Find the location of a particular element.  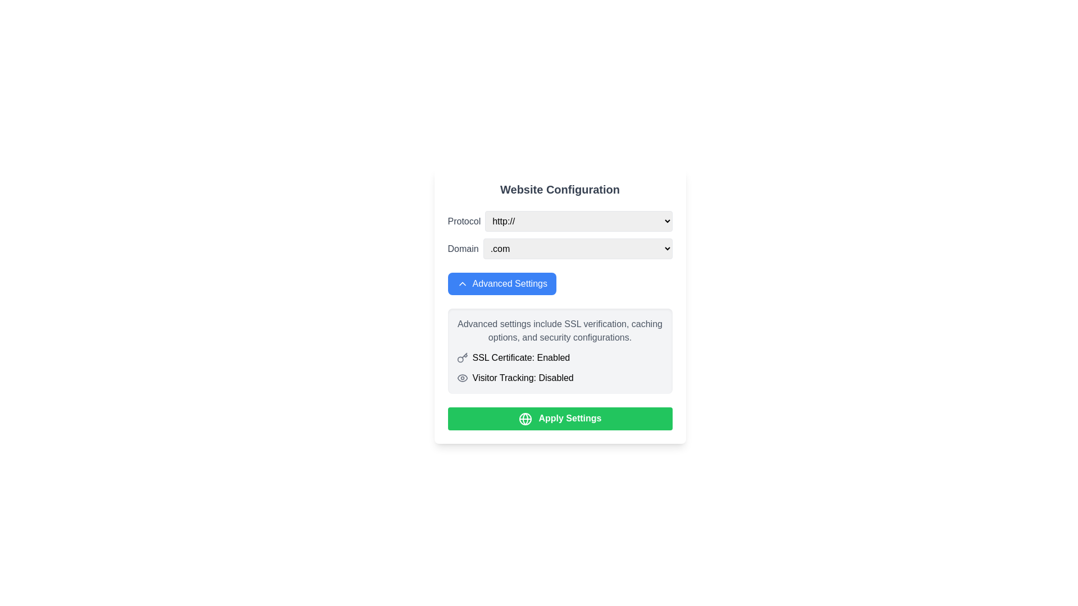

the Status Indicator that displays 'Disabled' for Visitor Tracking, located in the lower part of a light-gray box containing advanced settings, below the 'SSL Certificate: Enabled' line is located at coordinates (560, 378).